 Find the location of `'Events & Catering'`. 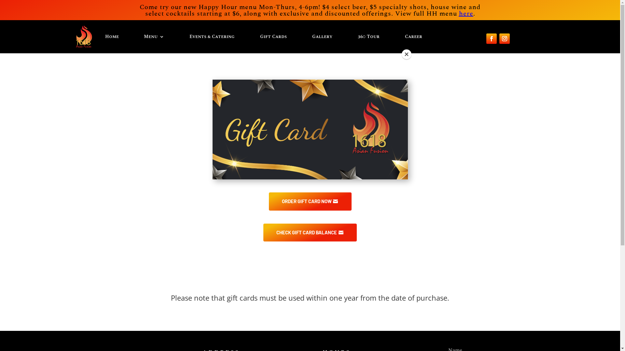

'Events & Catering' is located at coordinates (212, 36).